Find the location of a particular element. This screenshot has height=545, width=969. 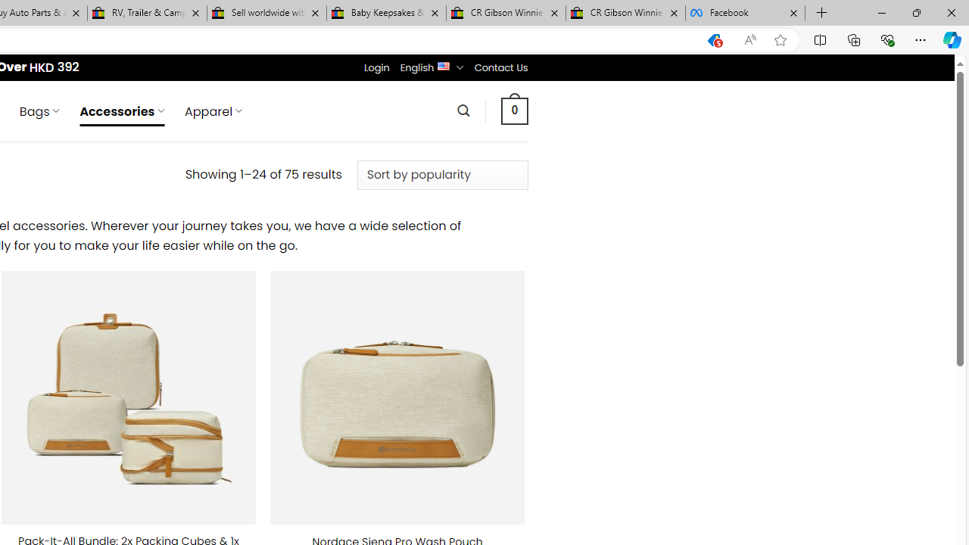

'Shop order' is located at coordinates (441, 174).